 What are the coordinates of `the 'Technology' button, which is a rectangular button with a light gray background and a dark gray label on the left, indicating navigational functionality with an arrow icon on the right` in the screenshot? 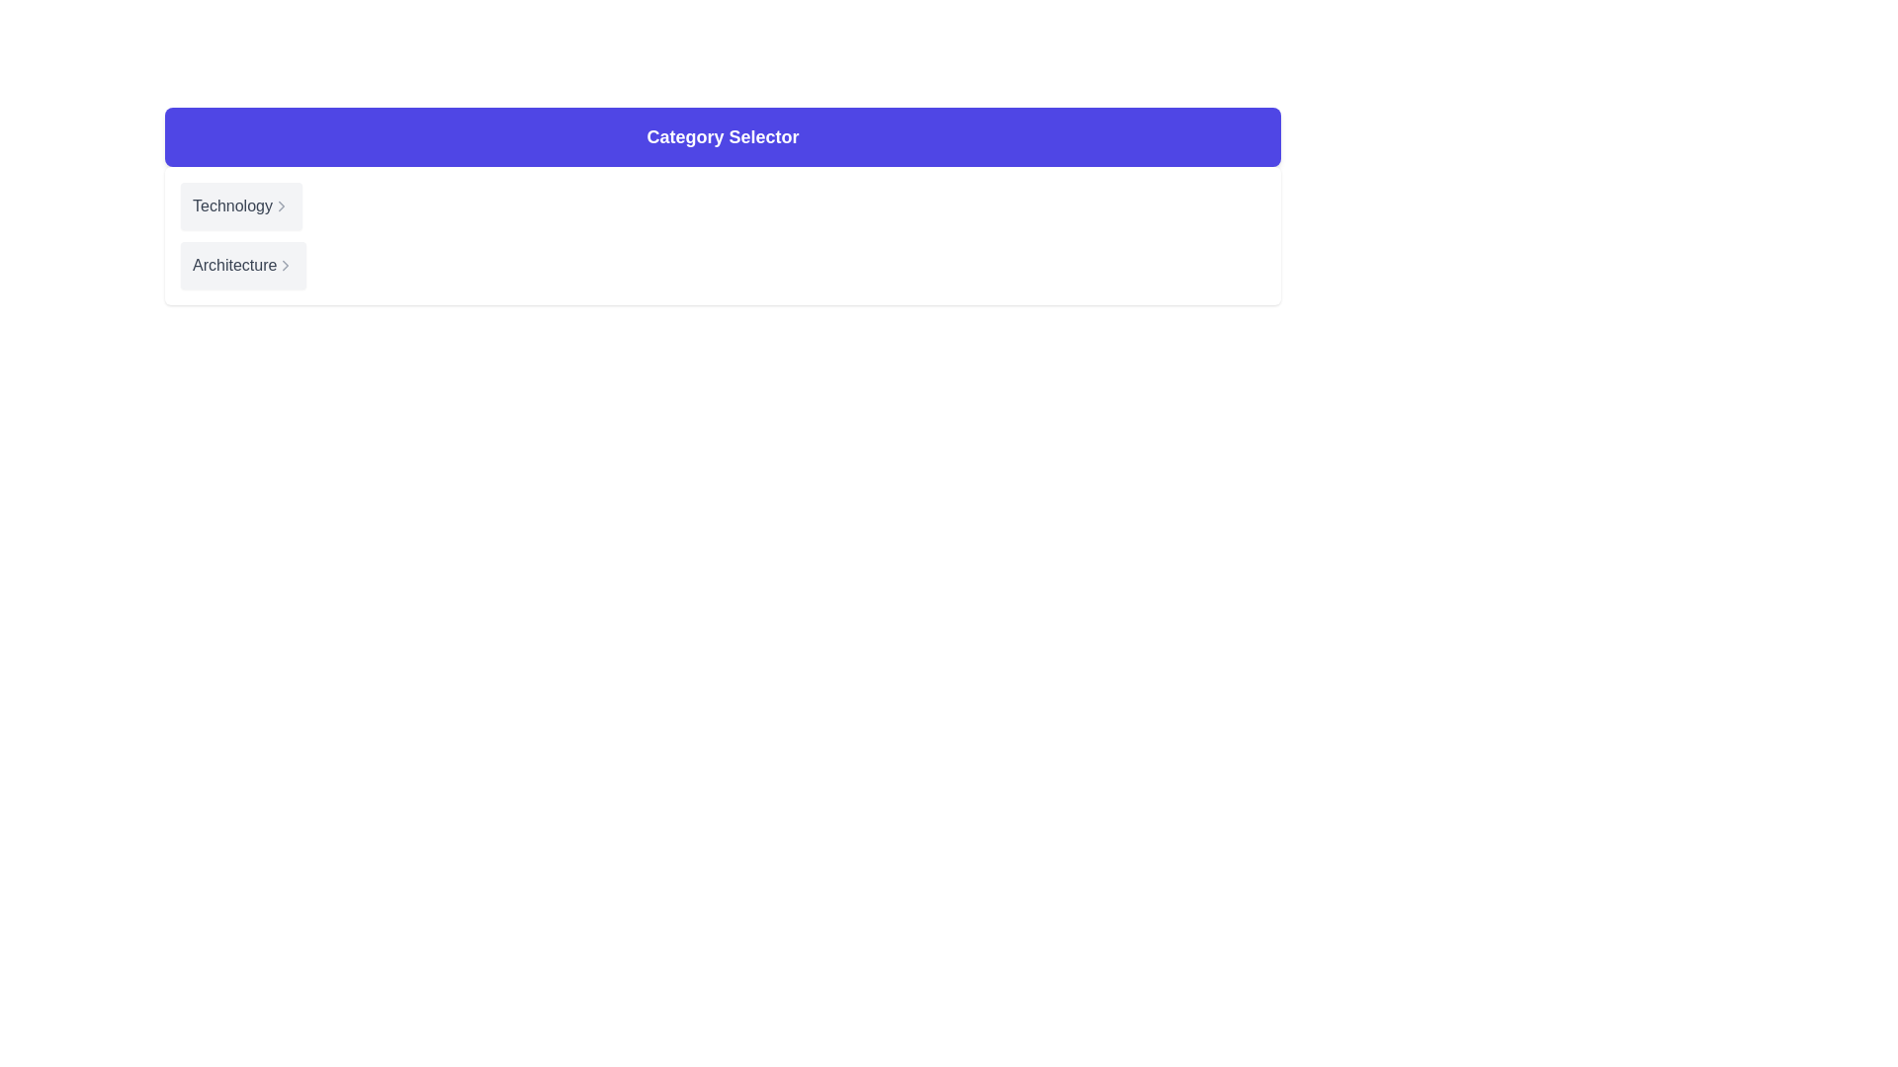 It's located at (240, 205).